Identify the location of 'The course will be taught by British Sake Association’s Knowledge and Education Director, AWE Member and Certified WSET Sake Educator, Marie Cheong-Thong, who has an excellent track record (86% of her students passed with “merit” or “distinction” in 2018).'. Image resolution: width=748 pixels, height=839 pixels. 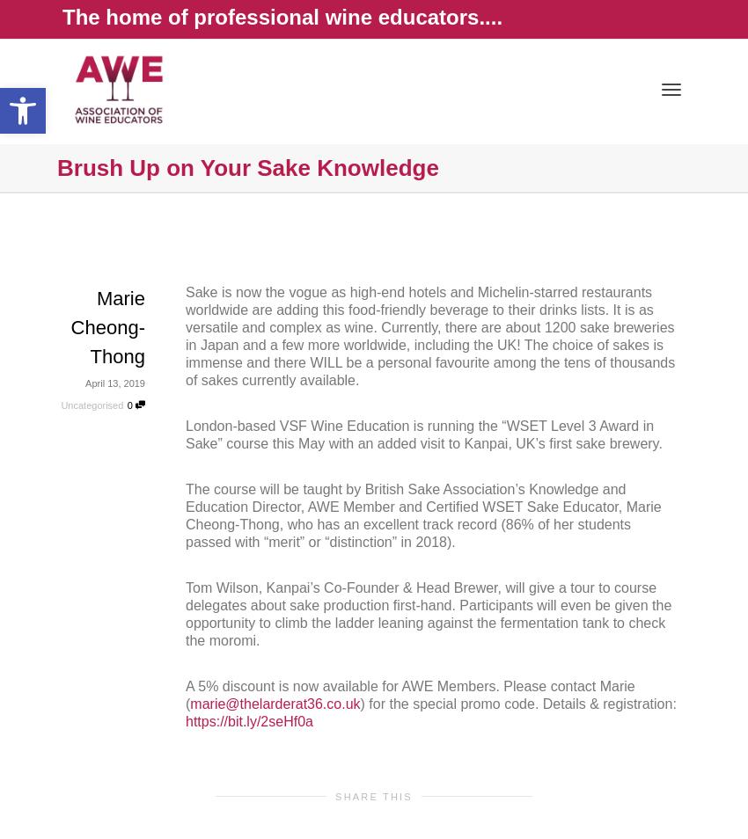
(184, 514).